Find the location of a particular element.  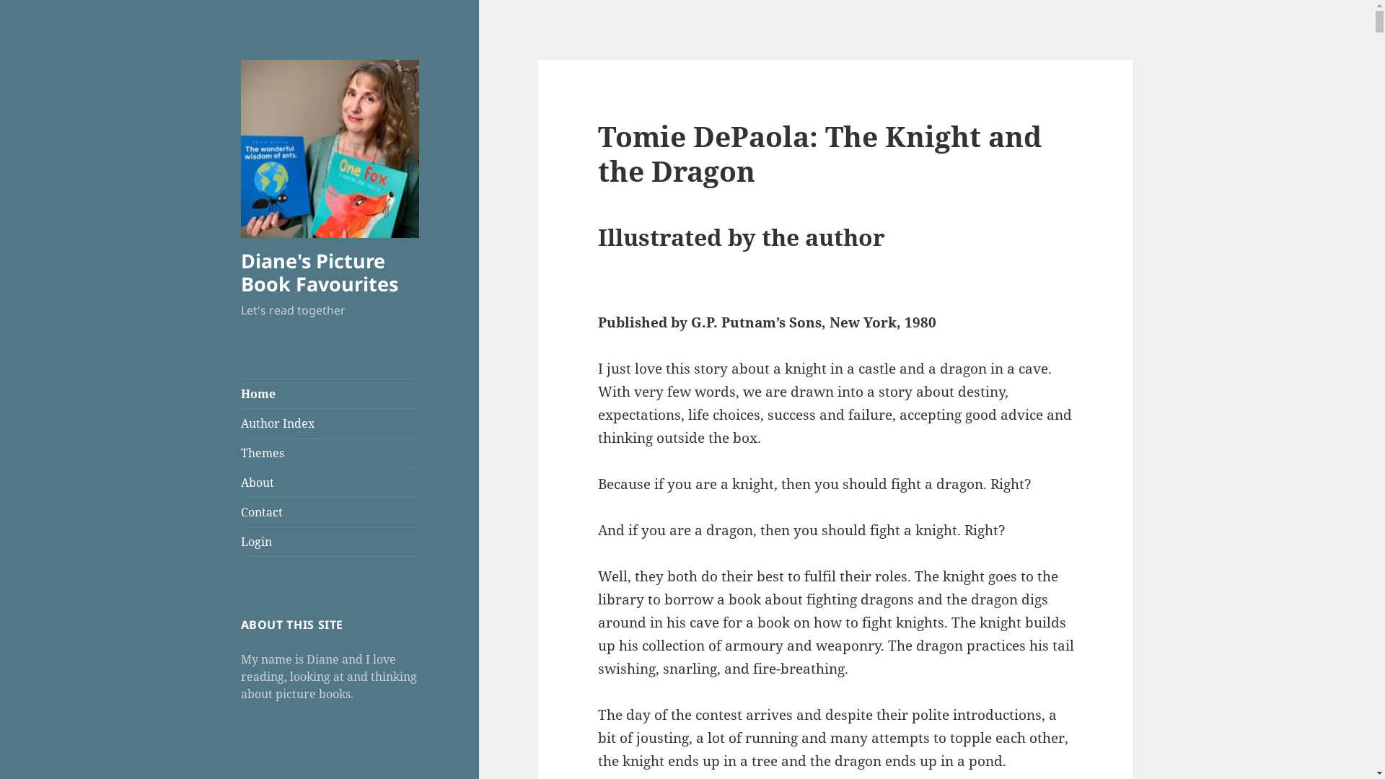

'Home' is located at coordinates (329, 394).